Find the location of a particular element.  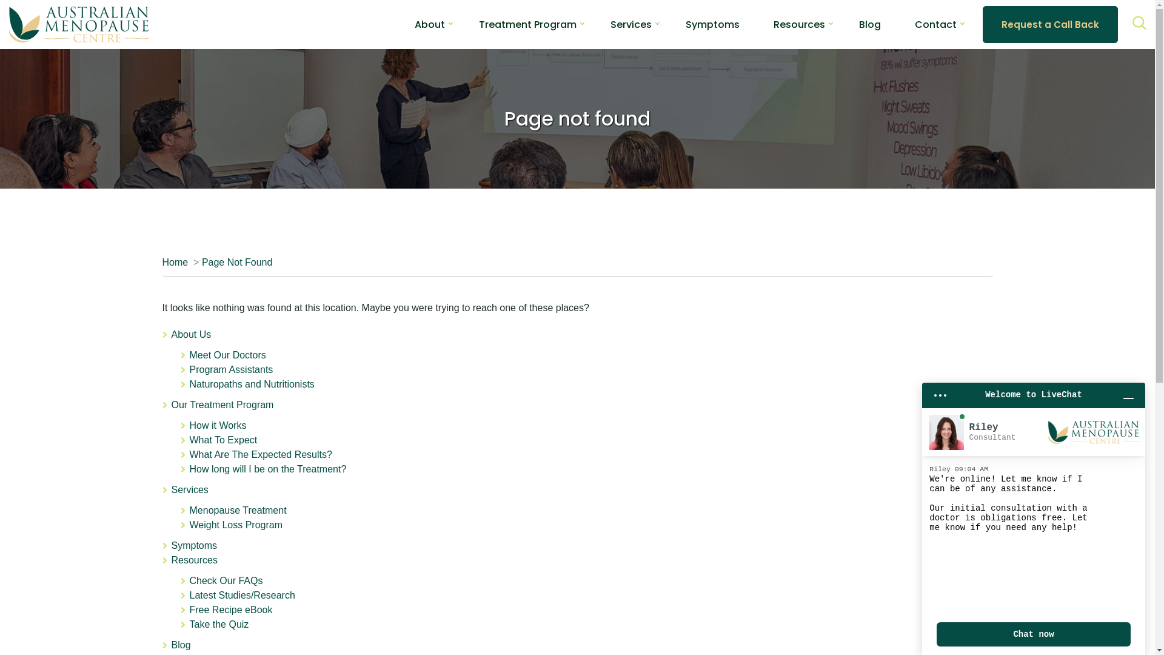

'Our Treatment Program' is located at coordinates (170, 405).